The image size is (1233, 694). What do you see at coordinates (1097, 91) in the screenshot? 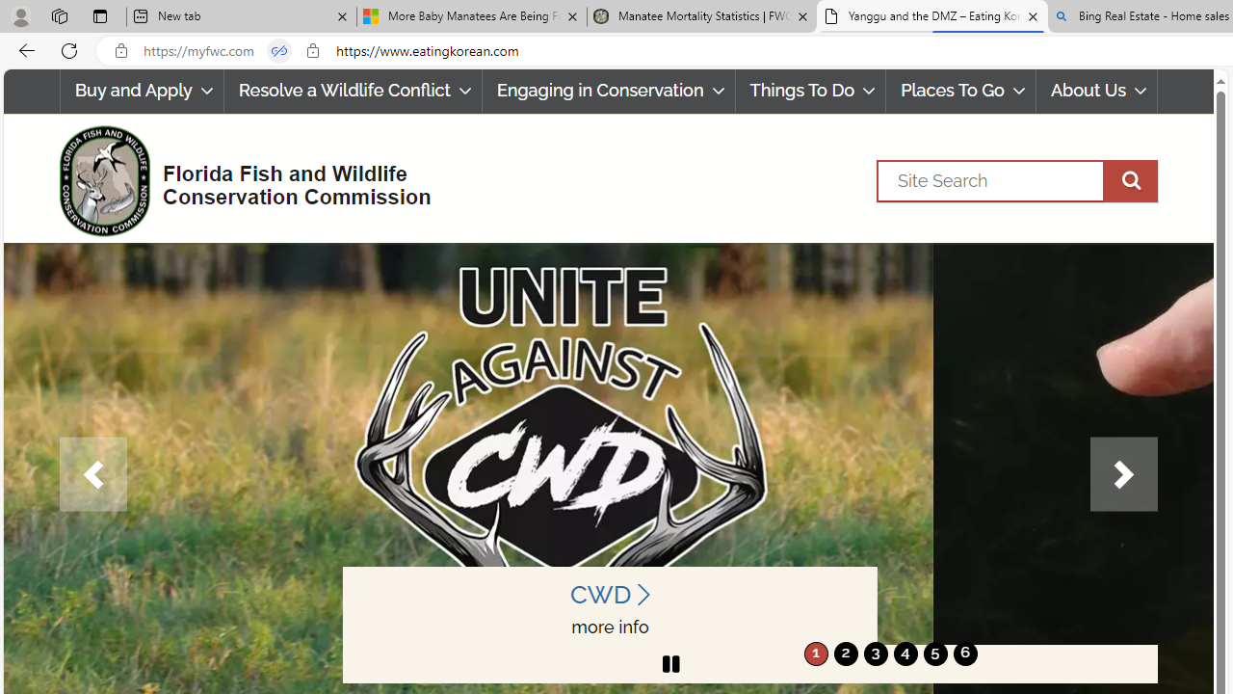
I see `'About Us'` at bounding box center [1097, 91].